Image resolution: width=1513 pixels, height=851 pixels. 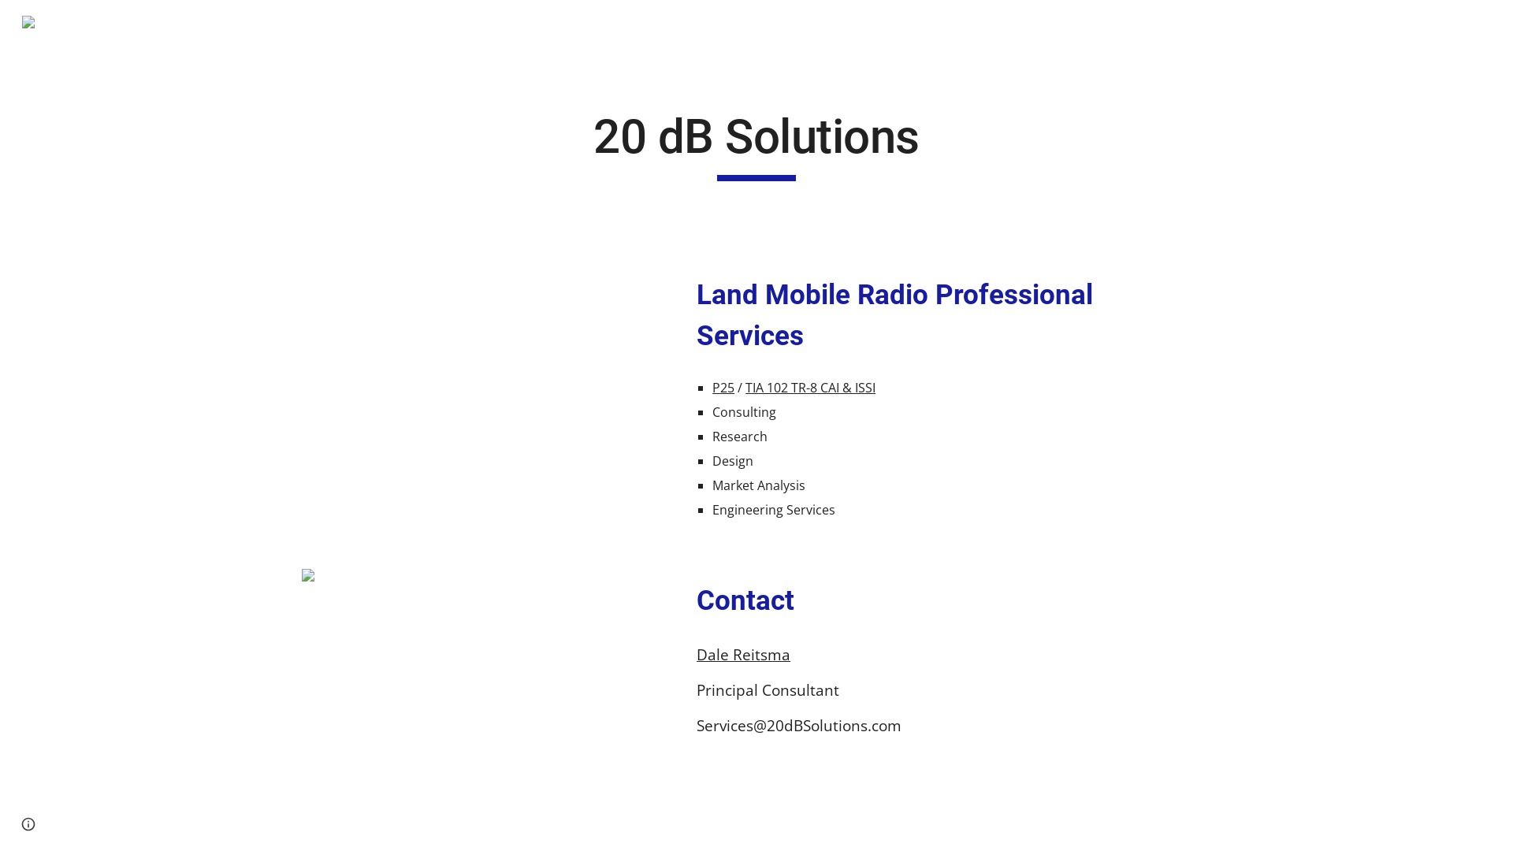 I want to click on 'P25', so click(x=722, y=388).